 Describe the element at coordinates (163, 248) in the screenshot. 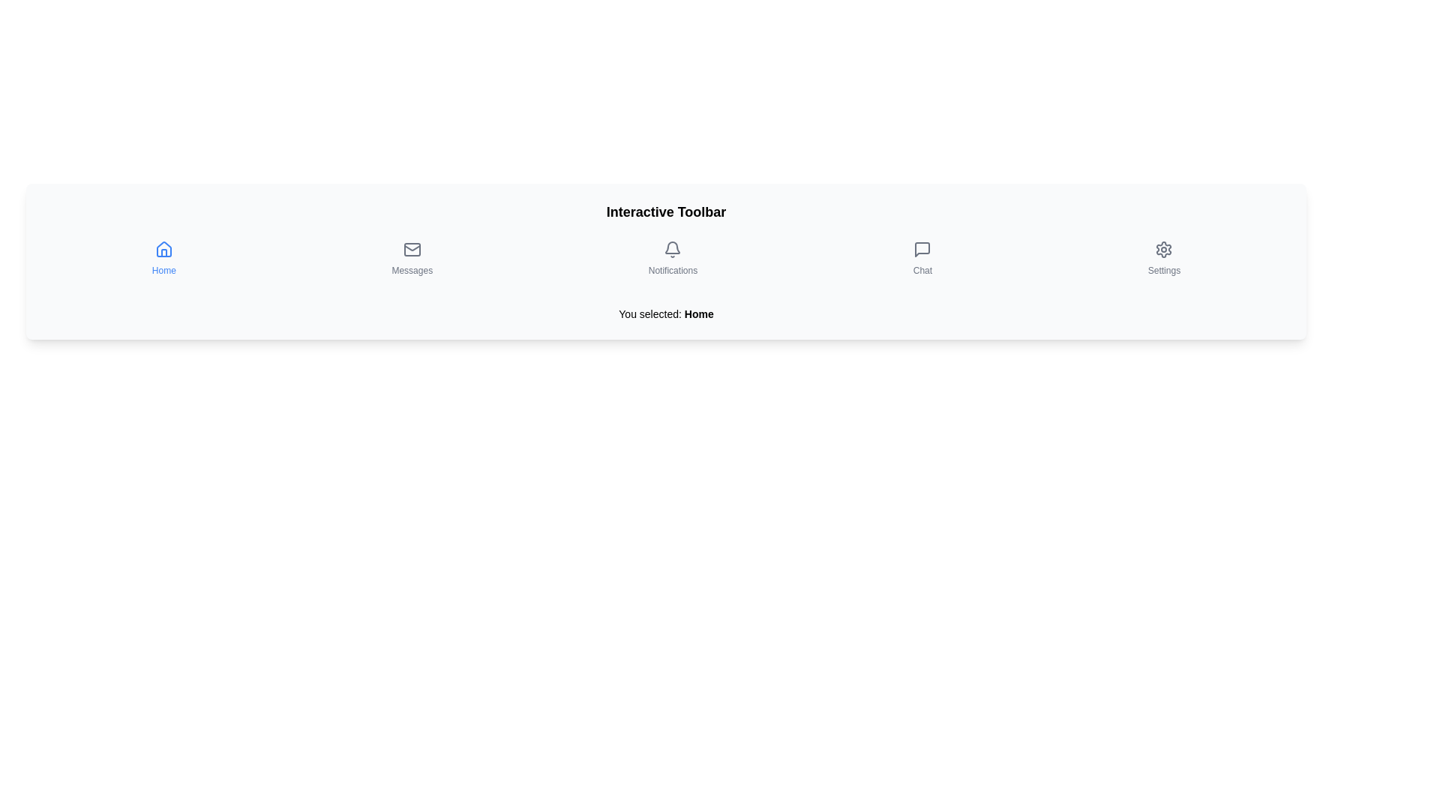

I see `the 'Home' icon in the navigation menu, which is the first icon on the left and directly above the text label 'Home'` at that location.